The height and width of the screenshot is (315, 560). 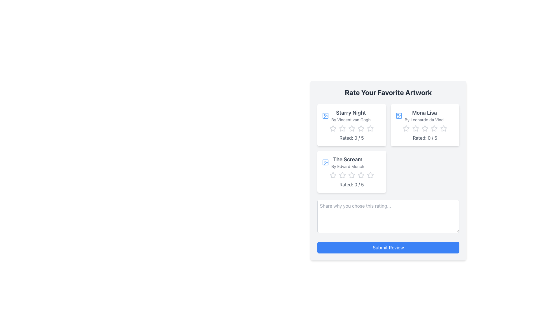 What do you see at coordinates (351, 116) in the screenshot?
I see `the text label displaying 'Starry Night' in bold, located in the left-top panel of the grid layout` at bounding box center [351, 116].